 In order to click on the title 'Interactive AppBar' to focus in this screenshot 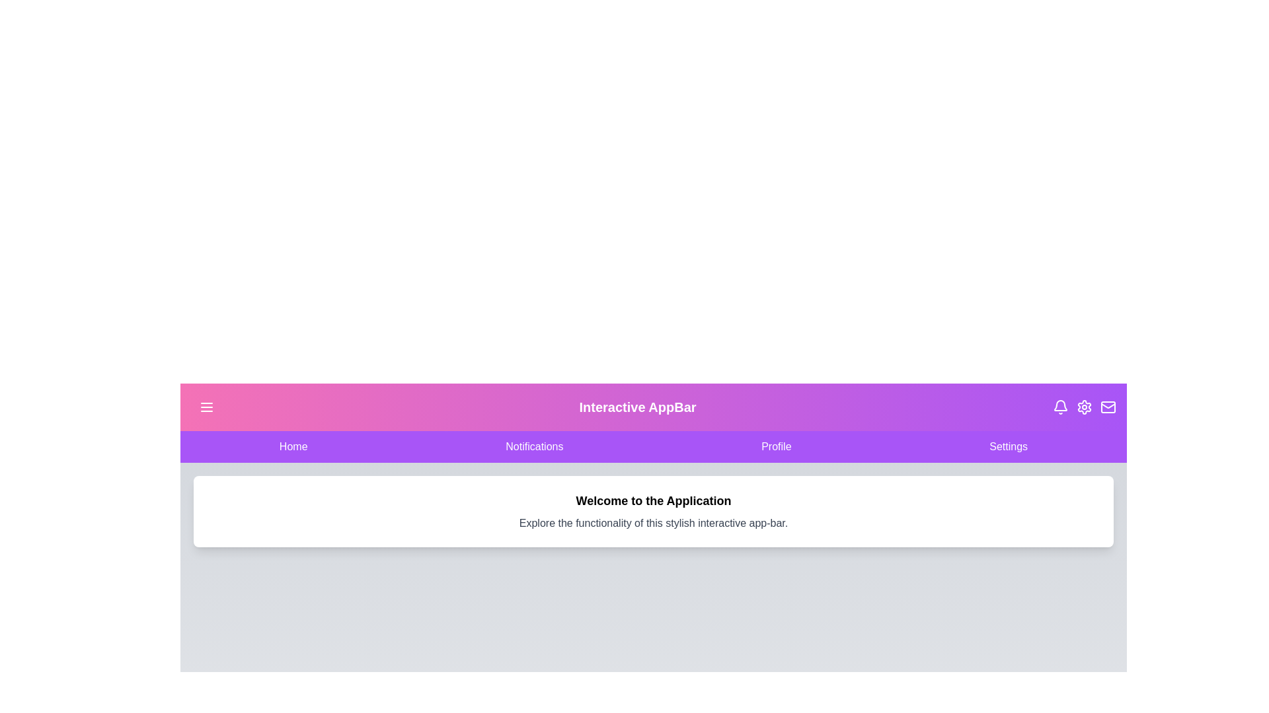, I will do `click(637, 407)`.